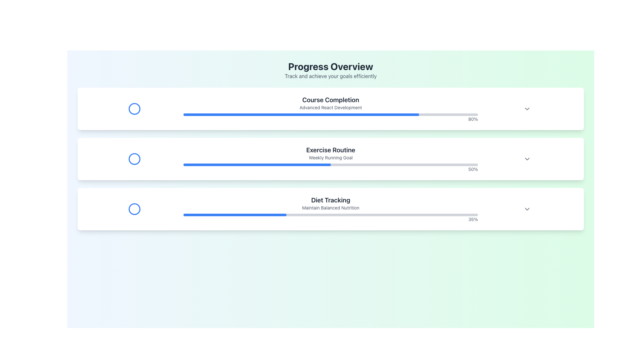 The image size is (618, 347). Describe the element at coordinates (527, 209) in the screenshot. I see `the right-aligned chevron-down icon` at that location.